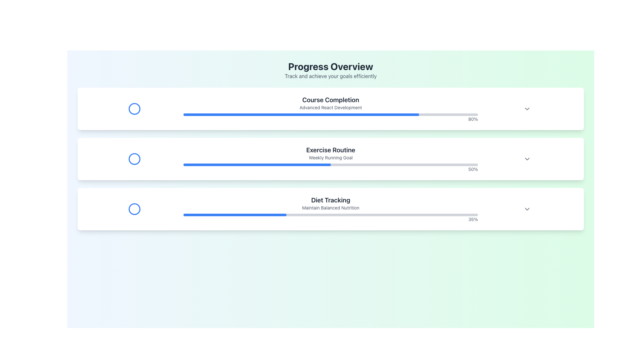 The image size is (618, 347). Describe the element at coordinates (527, 209) in the screenshot. I see `the right-aligned chevron-down icon` at that location.